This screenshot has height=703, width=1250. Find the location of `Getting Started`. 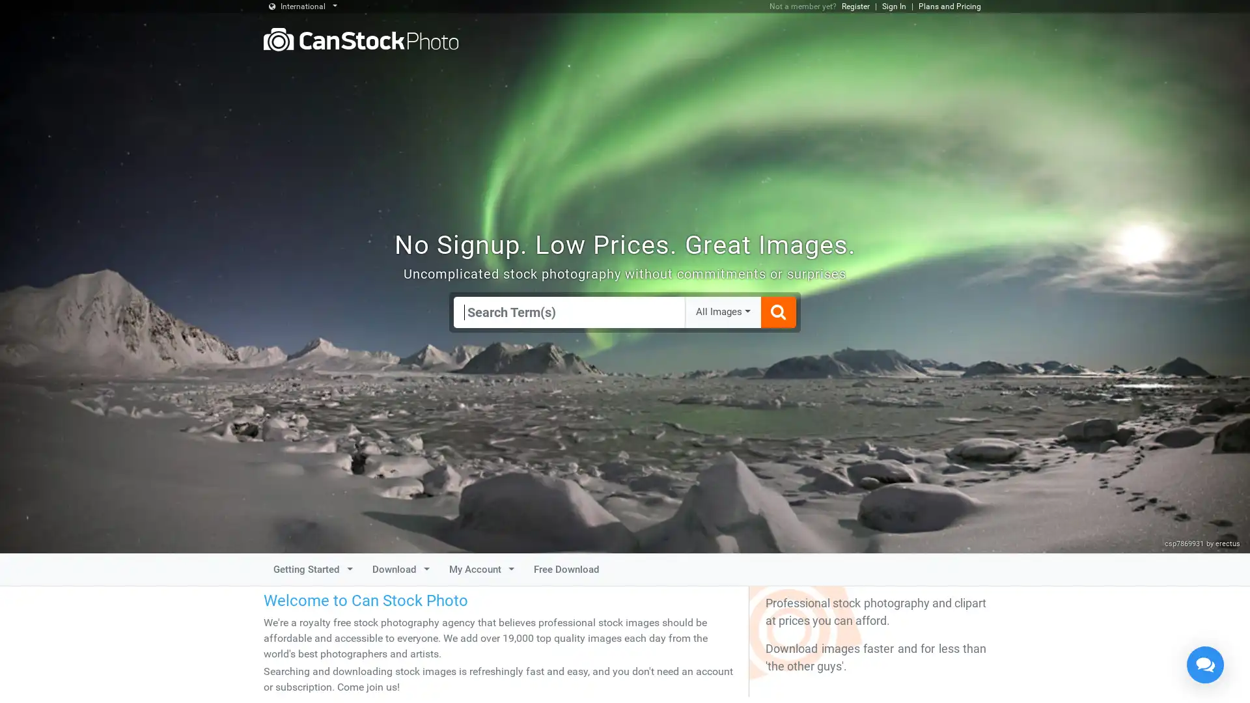

Getting Started is located at coordinates (312, 569).